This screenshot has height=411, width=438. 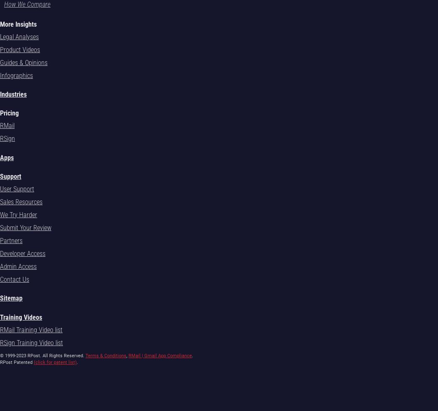 I want to click on 'RMail Training Video list', so click(x=30, y=329).